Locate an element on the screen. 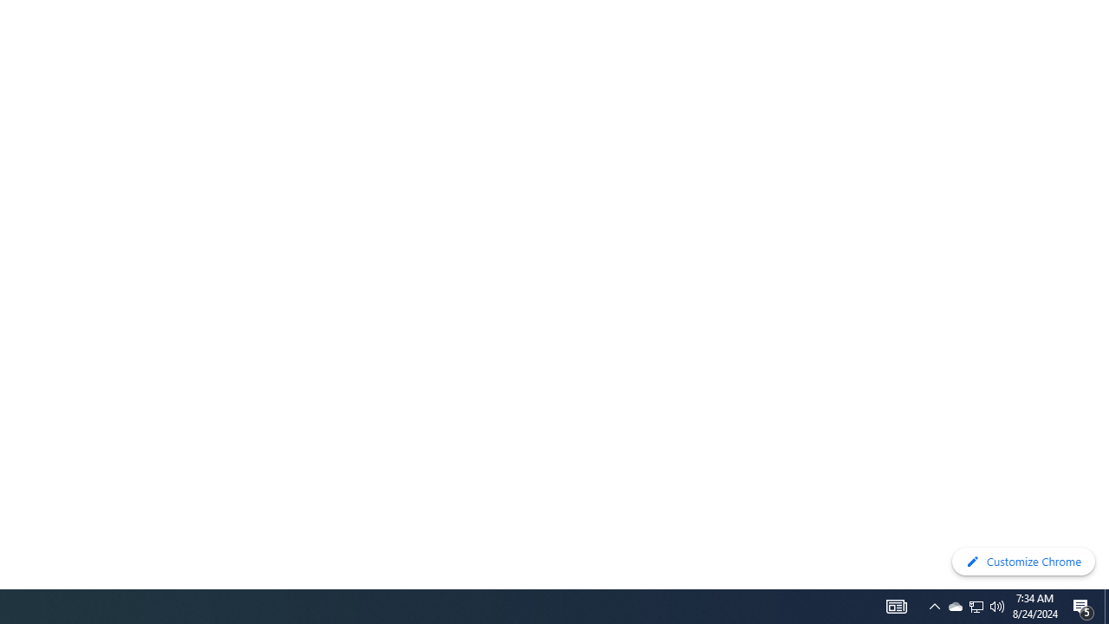  'Customize Chrome' is located at coordinates (1023, 562).